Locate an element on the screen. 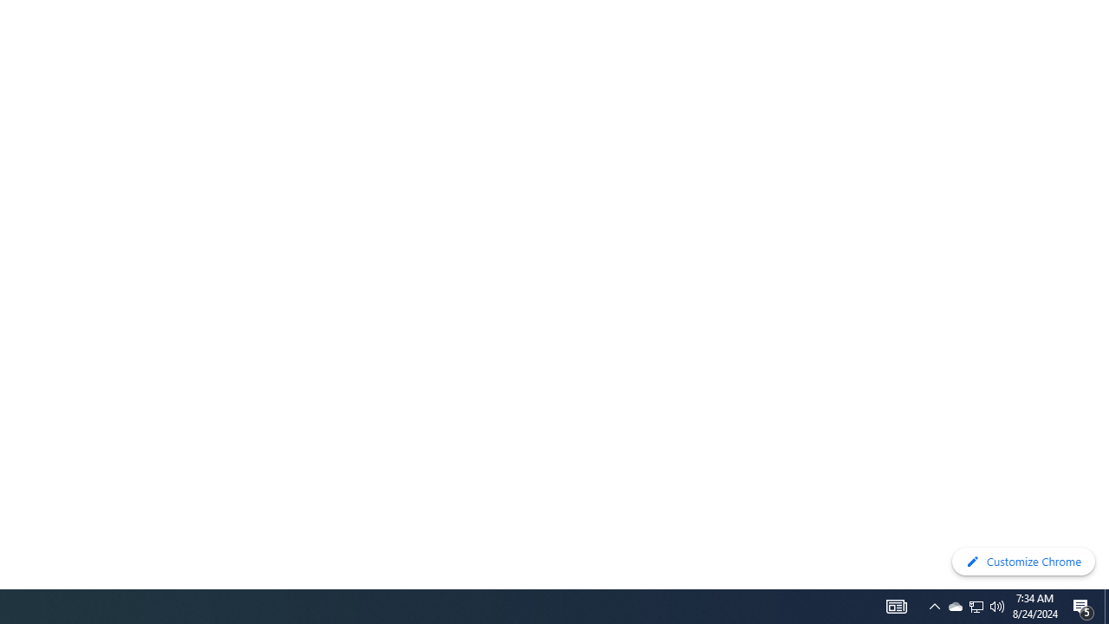  'Customize Chrome' is located at coordinates (1023, 562).